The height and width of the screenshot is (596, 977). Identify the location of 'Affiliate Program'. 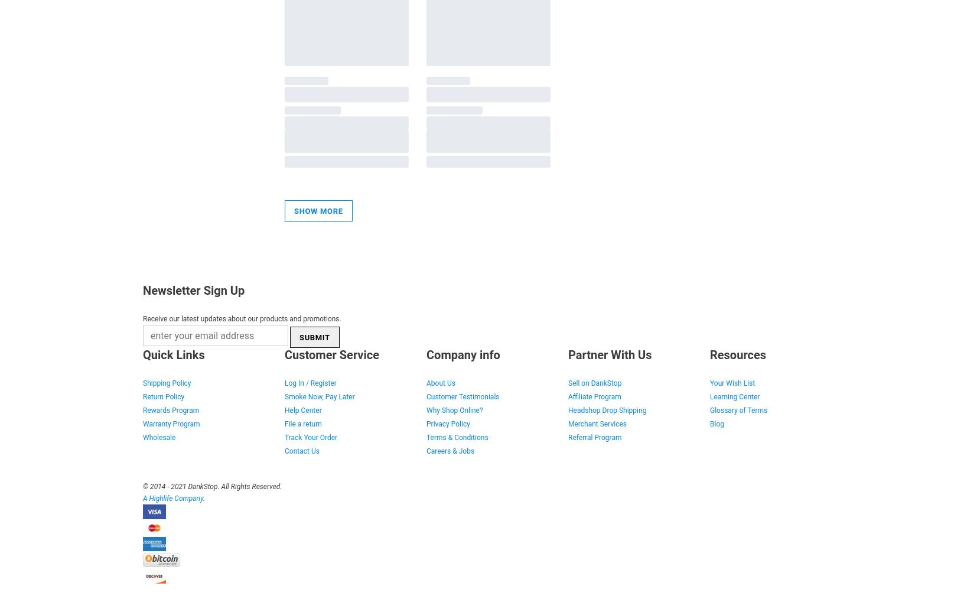
(594, 396).